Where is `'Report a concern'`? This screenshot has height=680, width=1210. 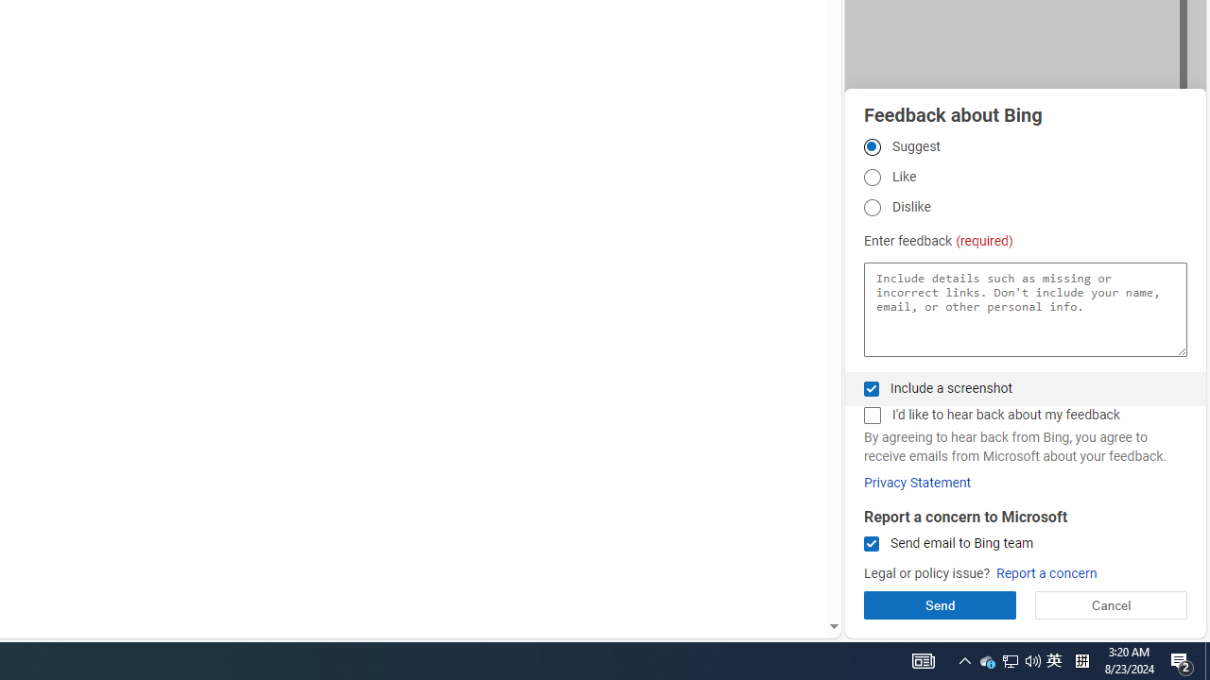 'Report a concern' is located at coordinates (1046, 572).